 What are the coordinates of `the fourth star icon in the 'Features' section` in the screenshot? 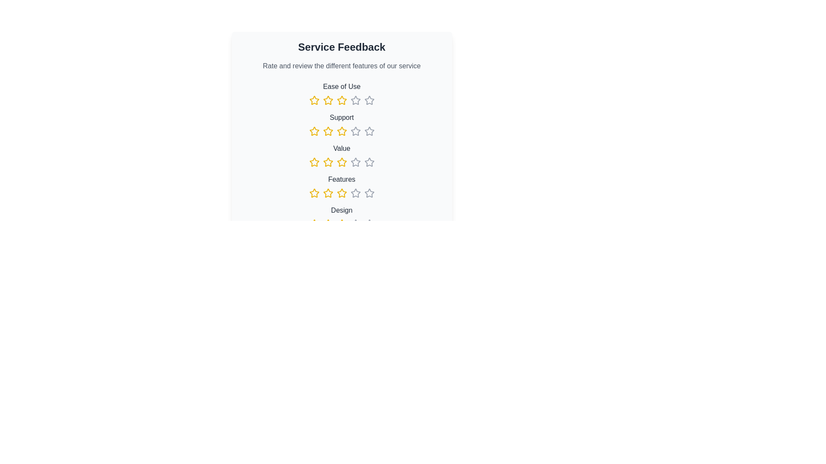 It's located at (355, 192).